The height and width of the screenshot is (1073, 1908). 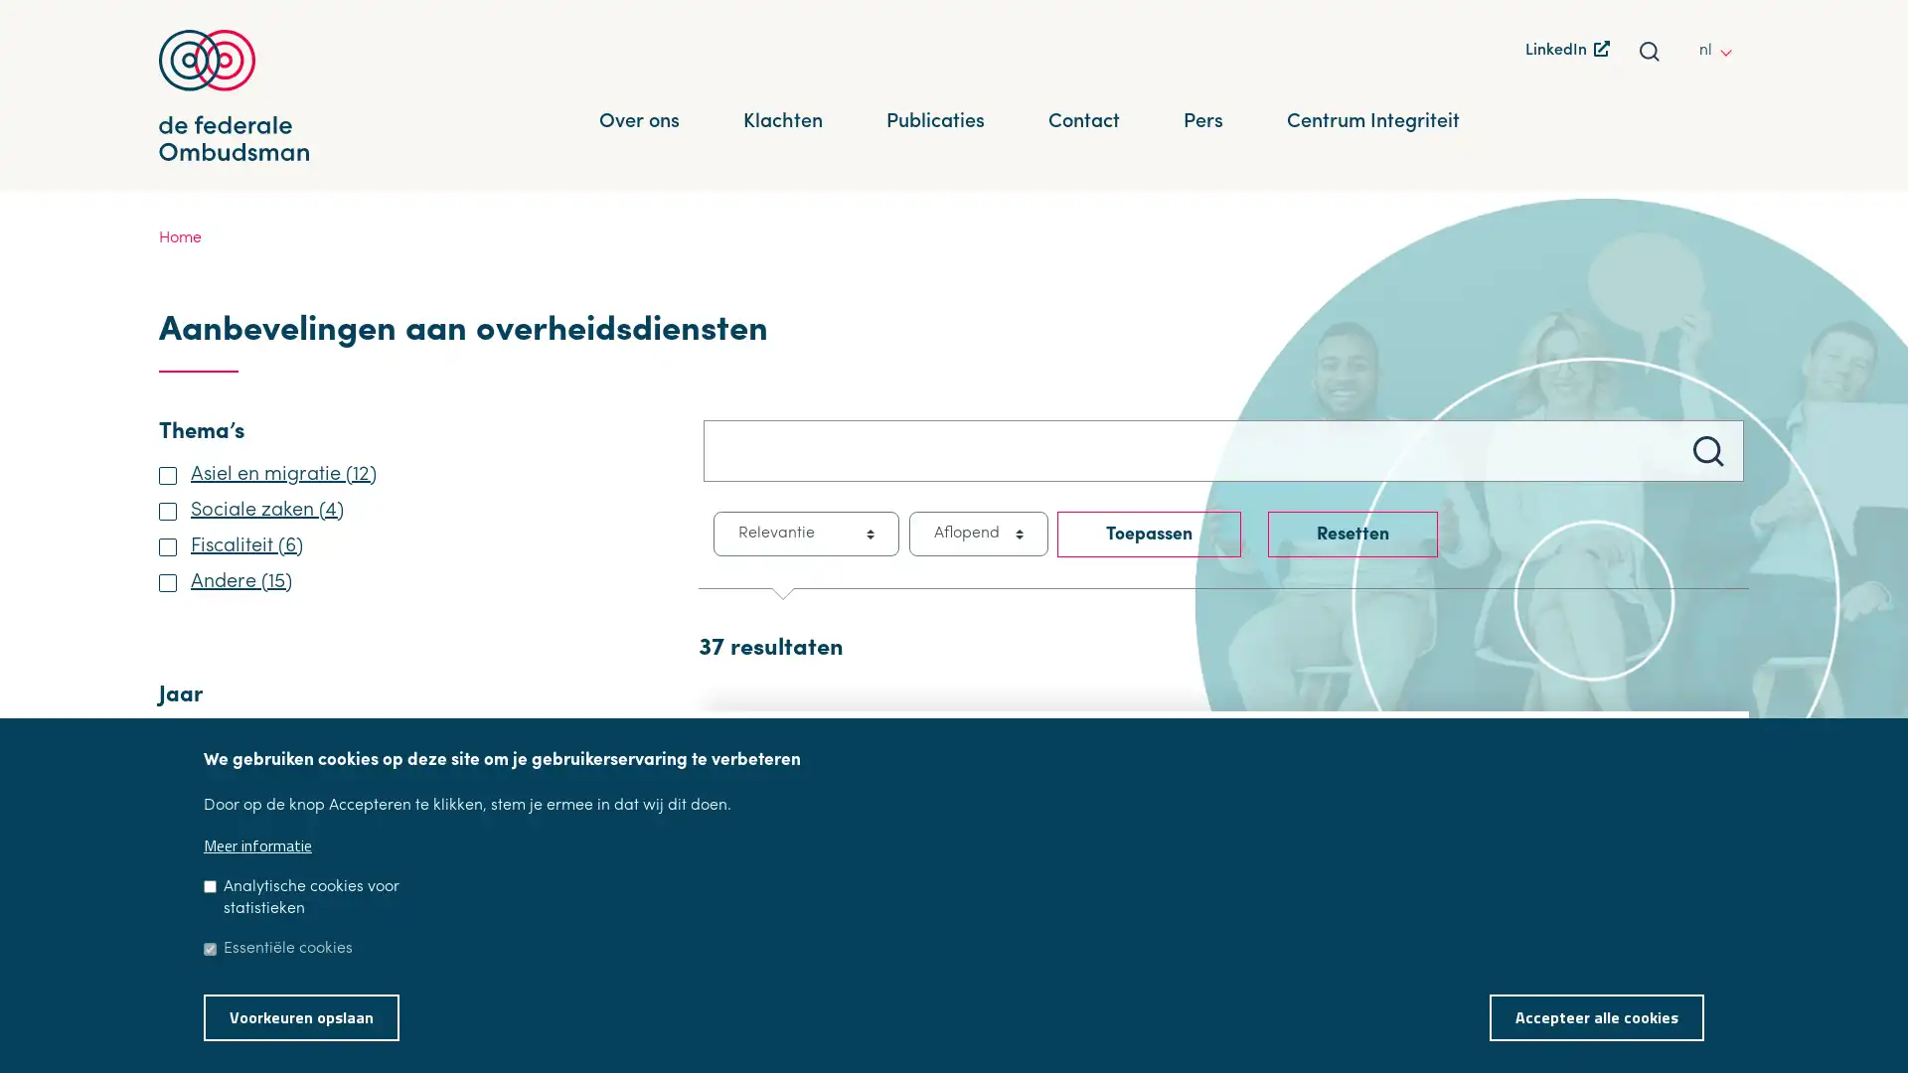 I want to click on other languages, so click(x=1730, y=49).